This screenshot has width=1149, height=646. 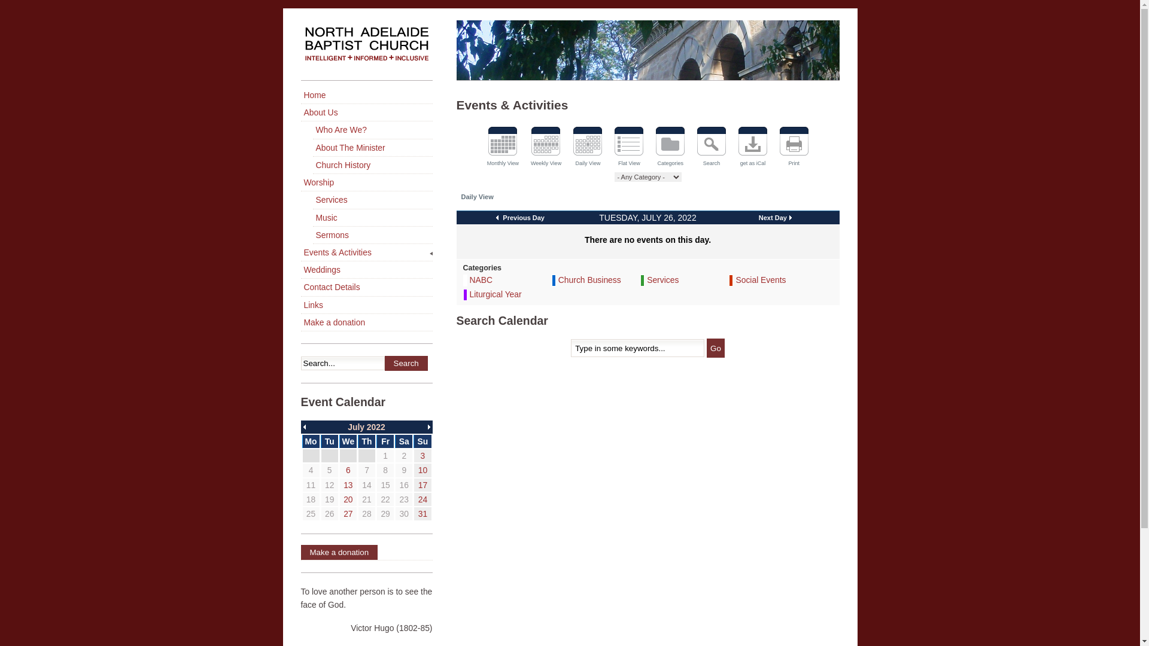 What do you see at coordinates (430, 426) in the screenshot?
I see `'>'` at bounding box center [430, 426].